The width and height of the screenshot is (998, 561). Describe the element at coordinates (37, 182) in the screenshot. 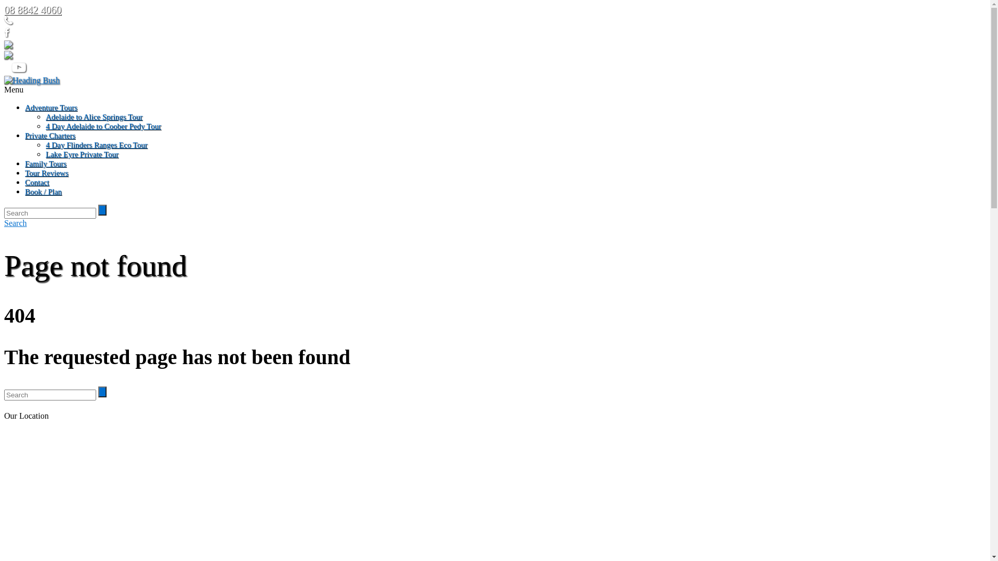

I see `'Contact'` at that location.